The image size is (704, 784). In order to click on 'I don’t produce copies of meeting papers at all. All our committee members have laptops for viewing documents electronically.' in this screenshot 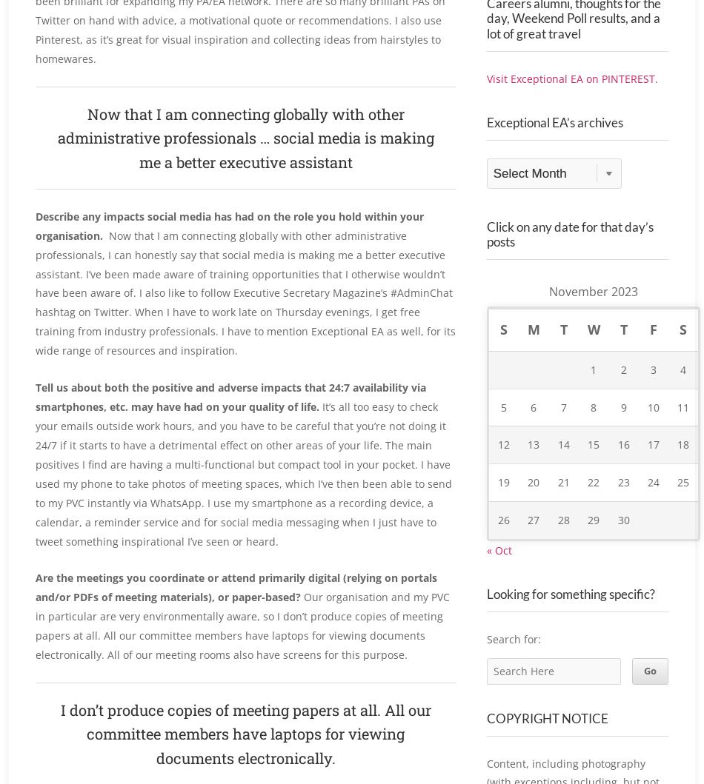, I will do `click(244, 733)`.